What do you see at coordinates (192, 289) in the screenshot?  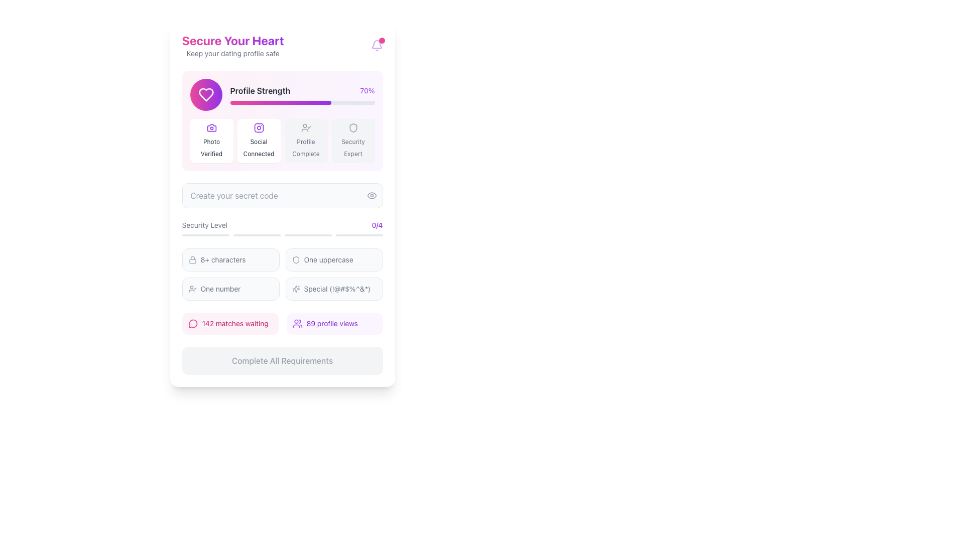 I see `the small user icon with a check mark, which indicates an approval status, located in the lower section of the interface on the left side of the row containing the text 'One number.'` at bounding box center [192, 289].